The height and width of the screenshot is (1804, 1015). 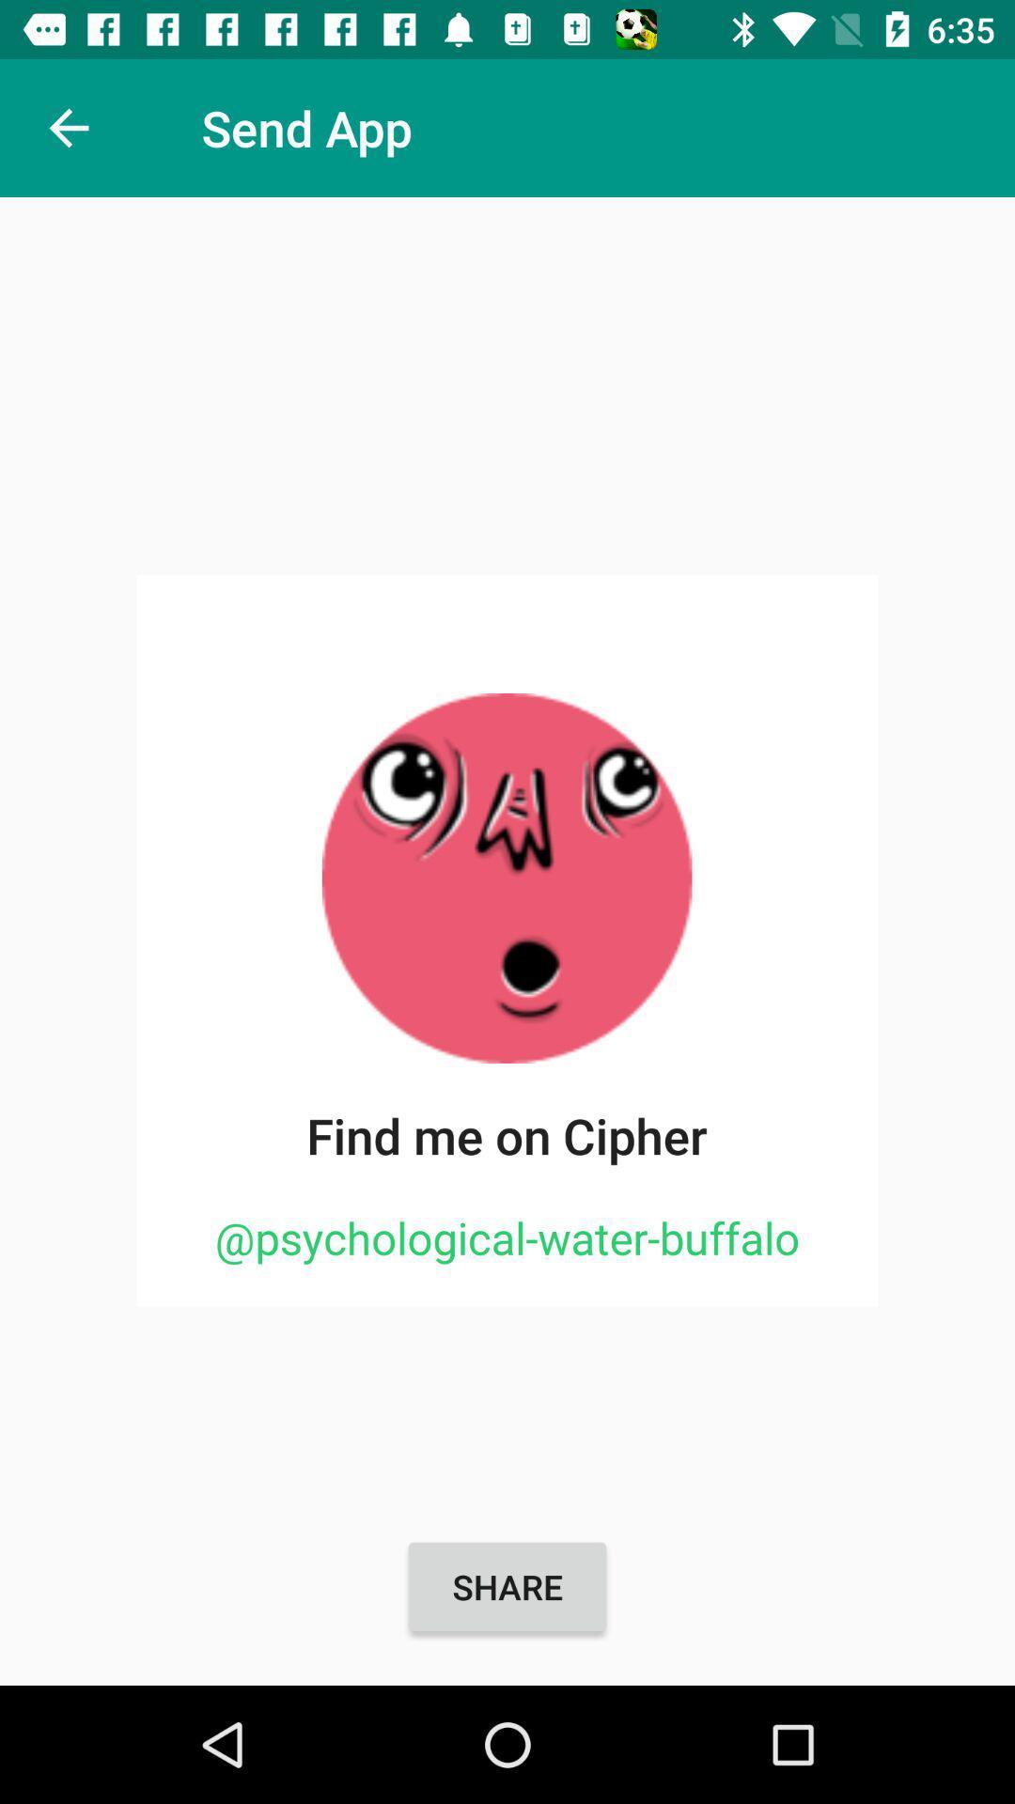 I want to click on item to the left of the   send app, so click(x=68, y=127).